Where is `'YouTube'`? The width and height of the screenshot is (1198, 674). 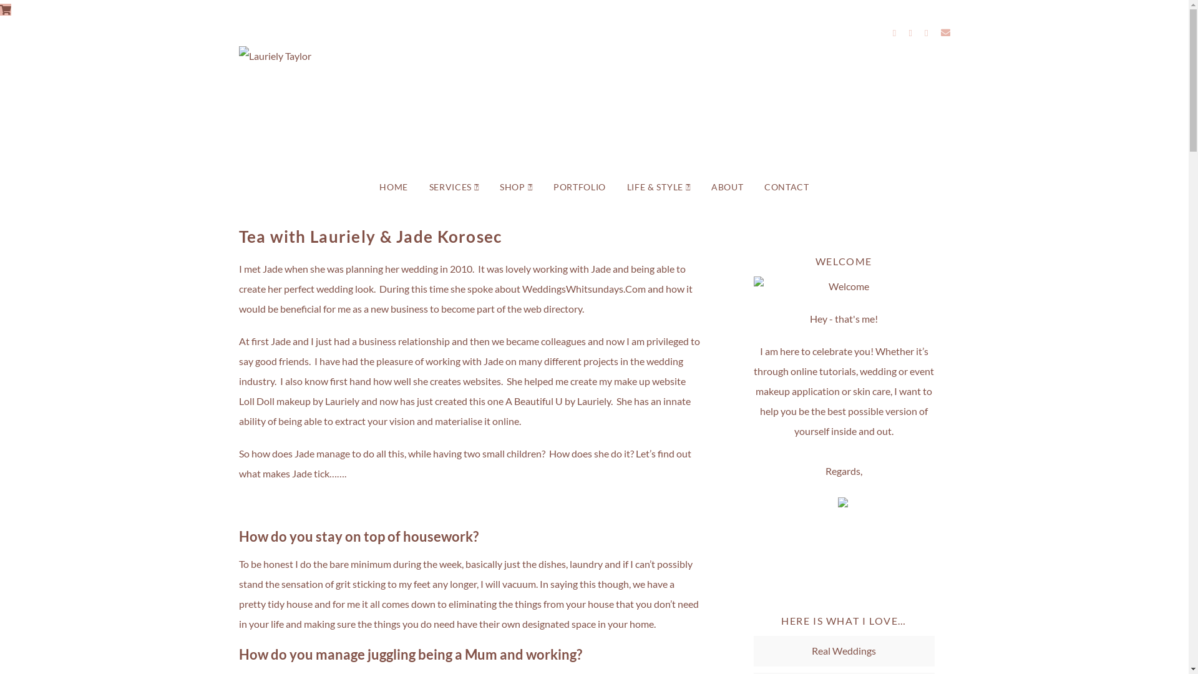
'YouTube' is located at coordinates (926, 32).